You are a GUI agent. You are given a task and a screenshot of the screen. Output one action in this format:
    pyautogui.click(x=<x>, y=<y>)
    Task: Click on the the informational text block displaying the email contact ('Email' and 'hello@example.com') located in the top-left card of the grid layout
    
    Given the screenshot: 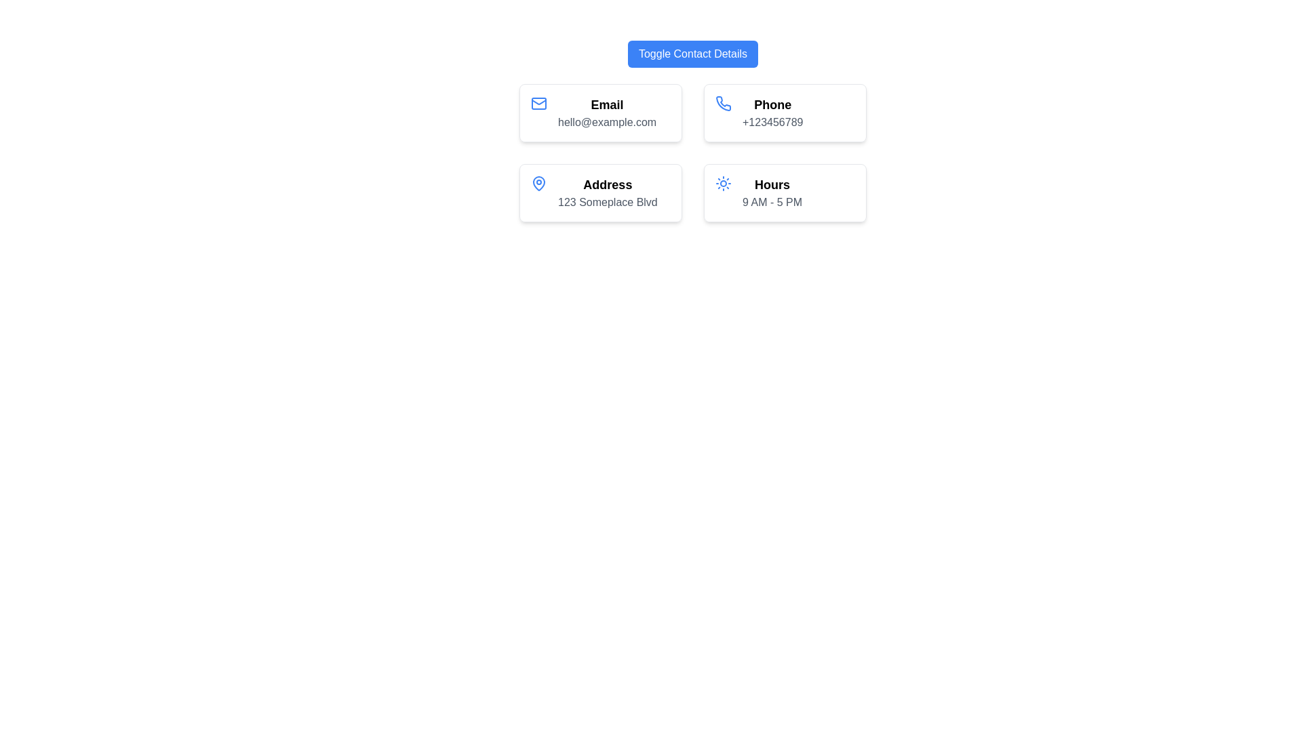 What is the action you would take?
    pyautogui.click(x=606, y=112)
    